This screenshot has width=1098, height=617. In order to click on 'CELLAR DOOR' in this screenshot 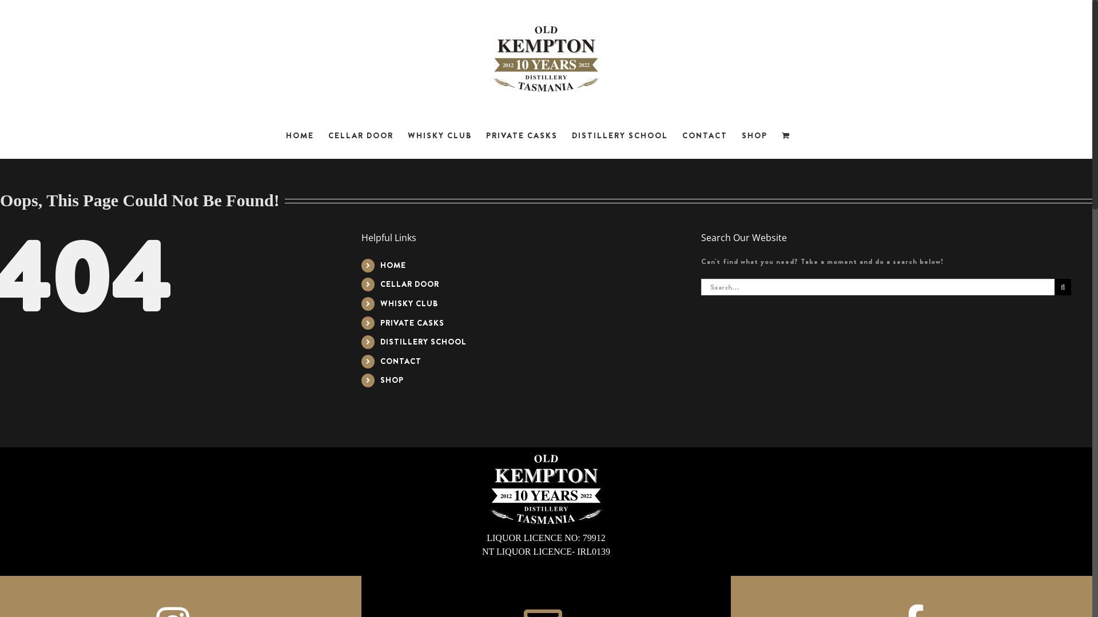, I will do `click(409, 283)`.